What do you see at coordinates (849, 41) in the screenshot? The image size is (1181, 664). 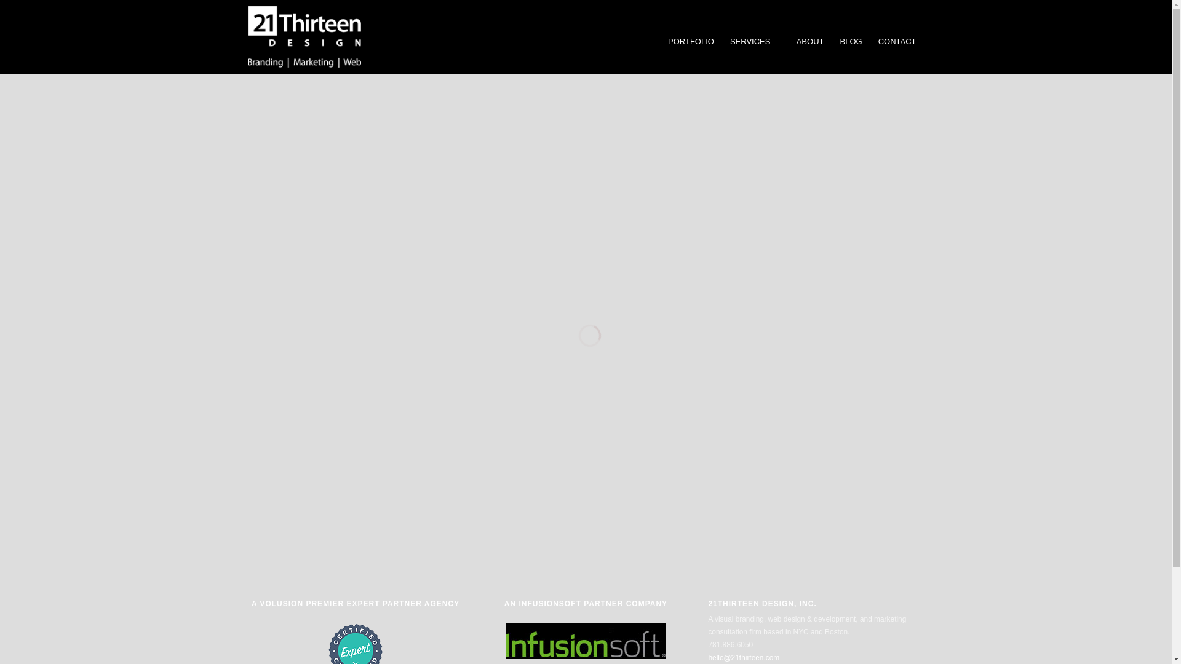 I see `'BLOG'` at bounding box center [849, 41].